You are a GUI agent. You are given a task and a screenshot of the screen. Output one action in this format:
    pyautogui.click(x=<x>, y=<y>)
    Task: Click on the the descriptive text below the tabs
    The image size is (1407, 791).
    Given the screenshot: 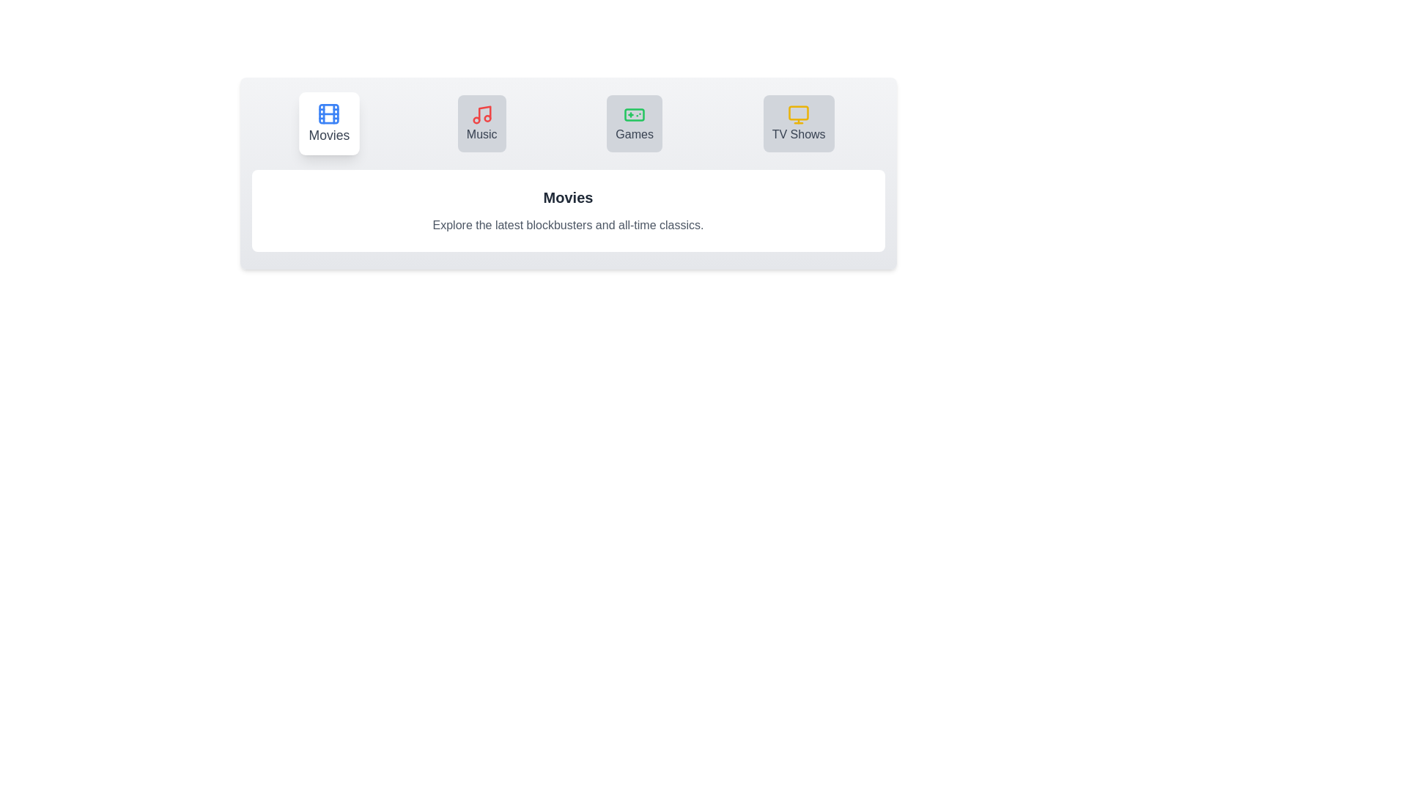 What is the action you would take?
    pyautogui.click(x=567, y=226)
    